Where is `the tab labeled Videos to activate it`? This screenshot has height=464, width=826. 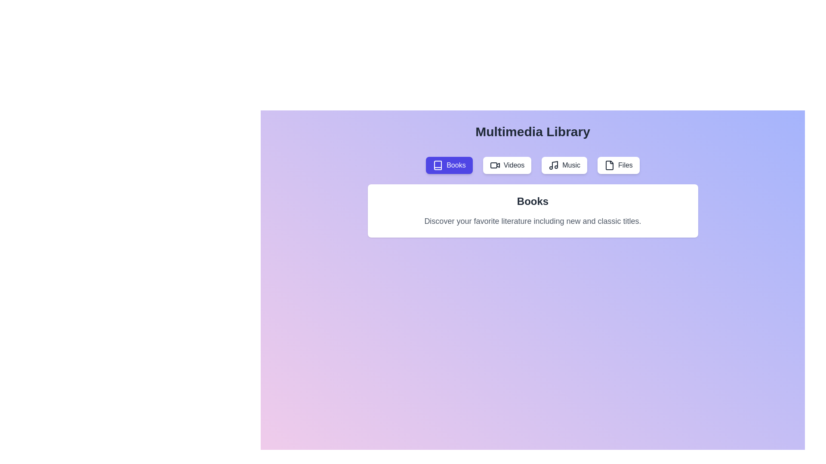
the tab labeled Videos to activate it is located at coordinates (506, 165).